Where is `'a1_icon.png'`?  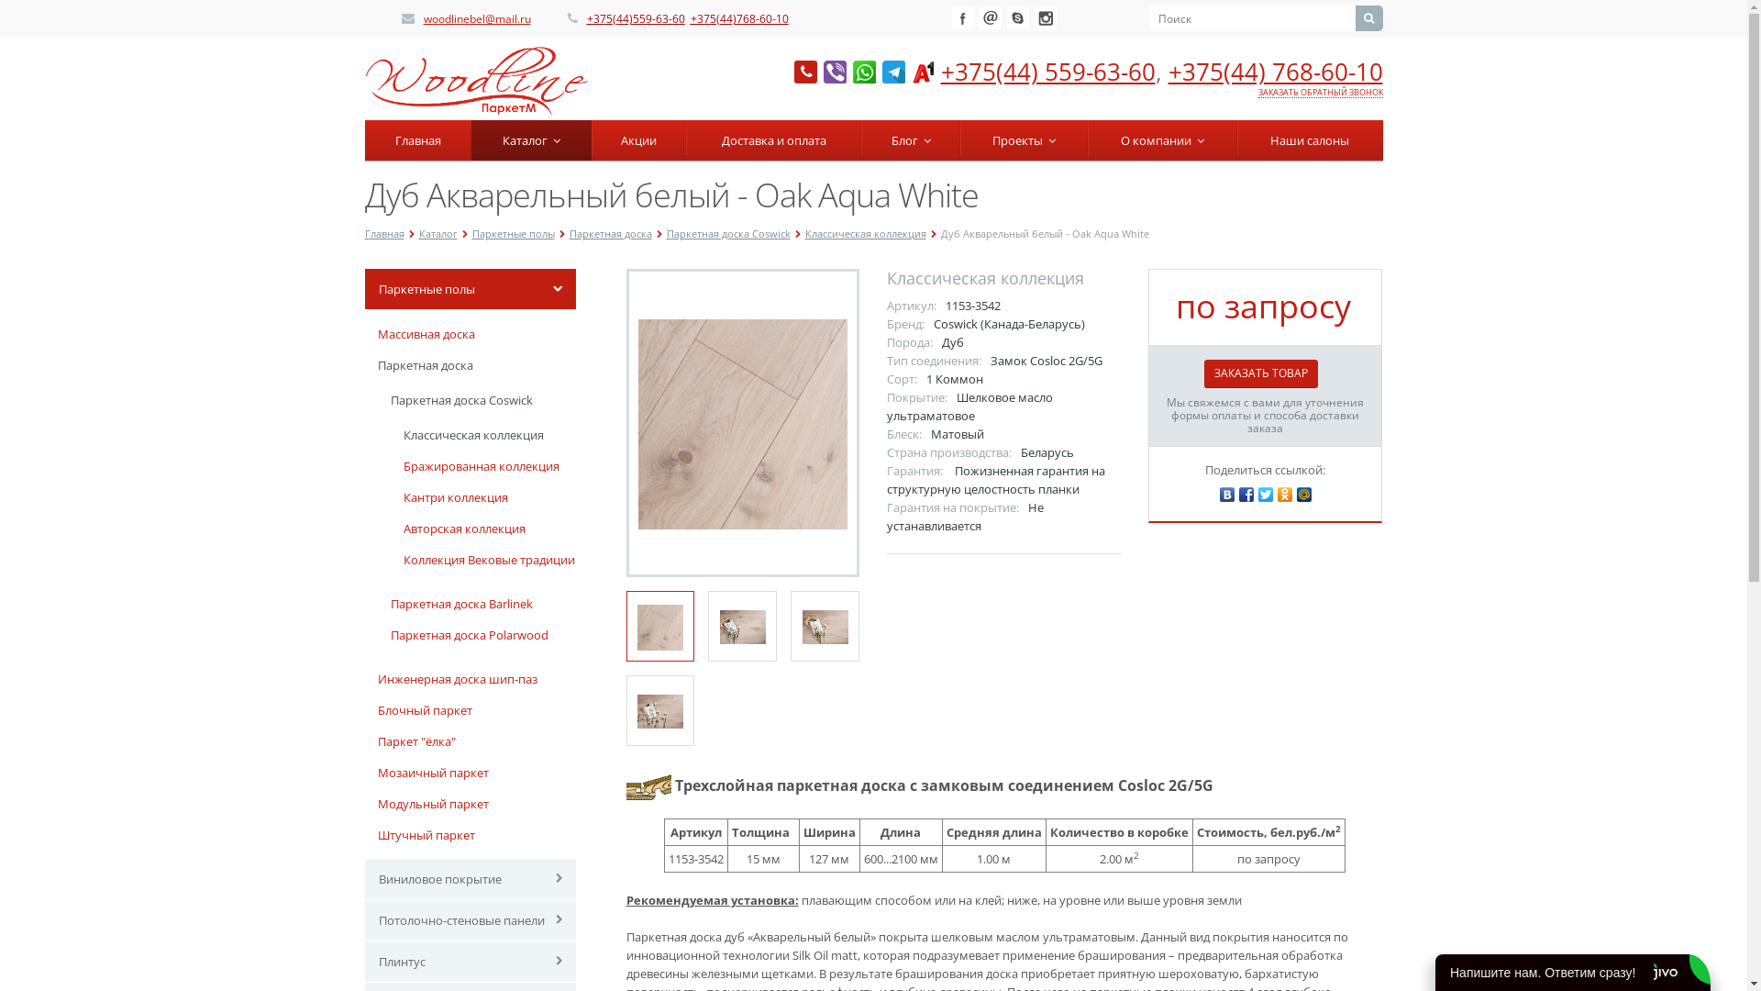 'a1_icon.png' is located at coordinates (923, 71).